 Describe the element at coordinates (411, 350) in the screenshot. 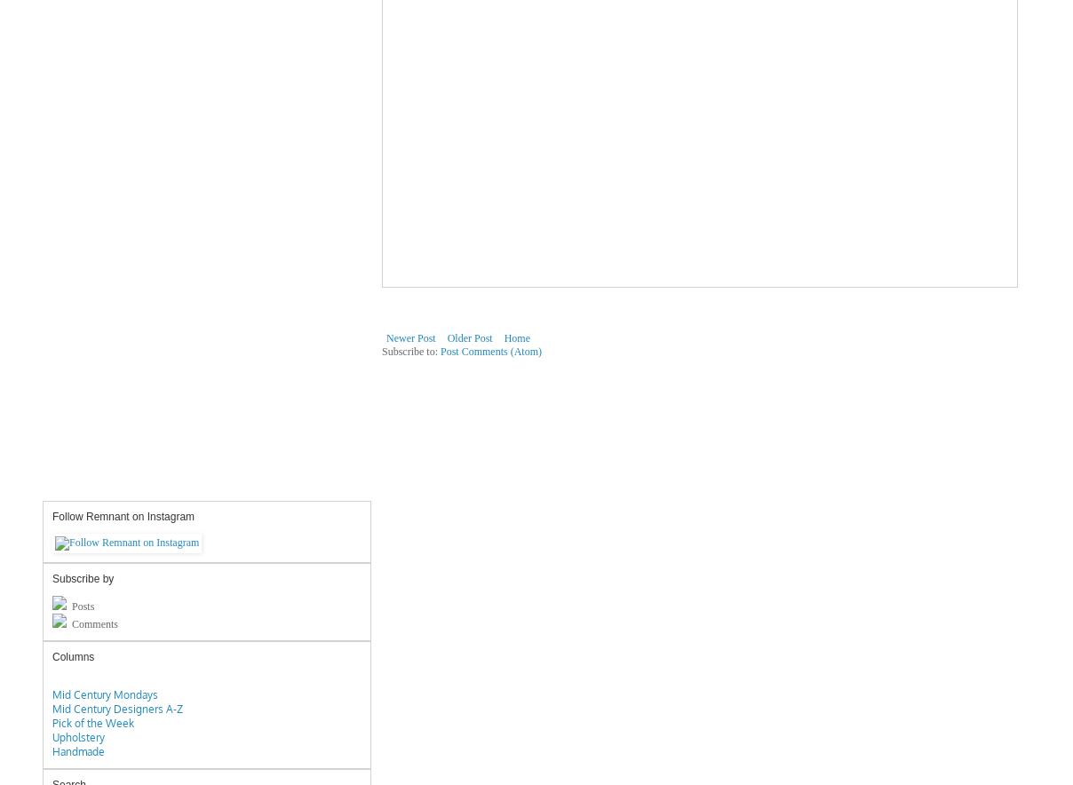

I see `'Subscribe to:'` at that location.